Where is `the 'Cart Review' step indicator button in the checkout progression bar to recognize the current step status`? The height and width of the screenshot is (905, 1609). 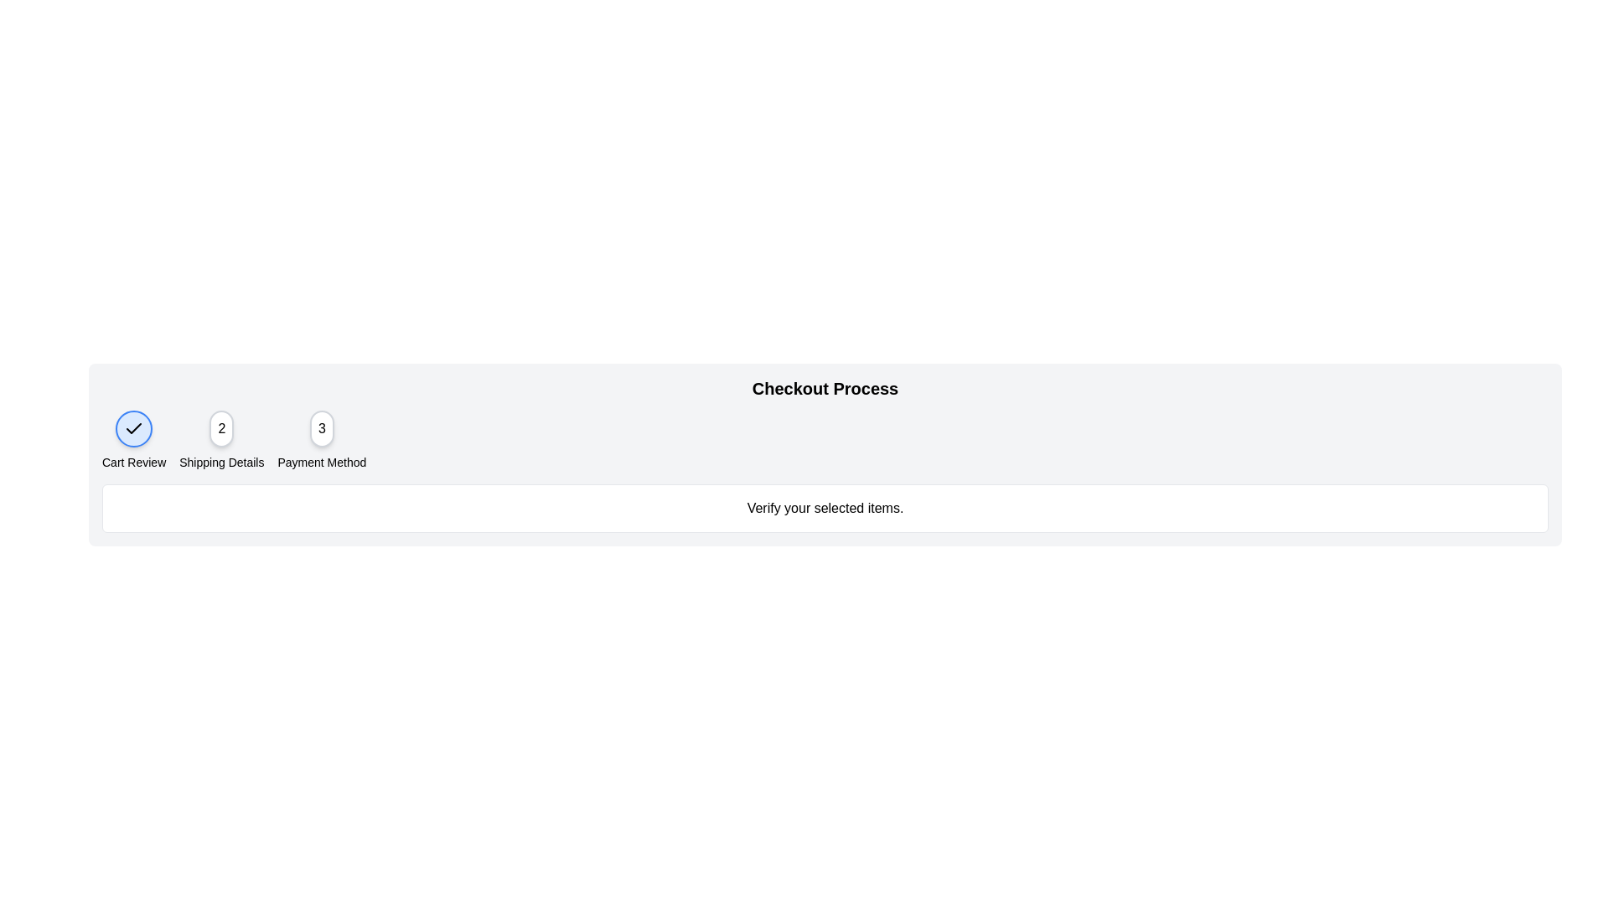 the 'Cart Review' step indicator button in the checkout progression bar to recognize the current step status is located at coordinates (134, 428).